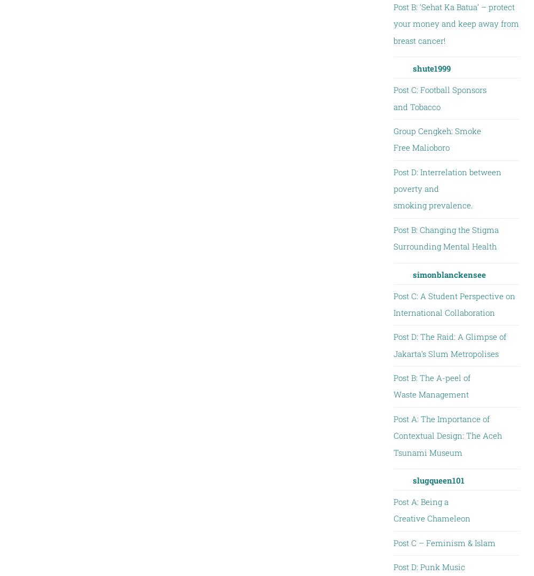 The height and width of the screenshot is (576, 534). I want to click on 'Post C: Football Sponsors and Tobacco', so click(439, 97).